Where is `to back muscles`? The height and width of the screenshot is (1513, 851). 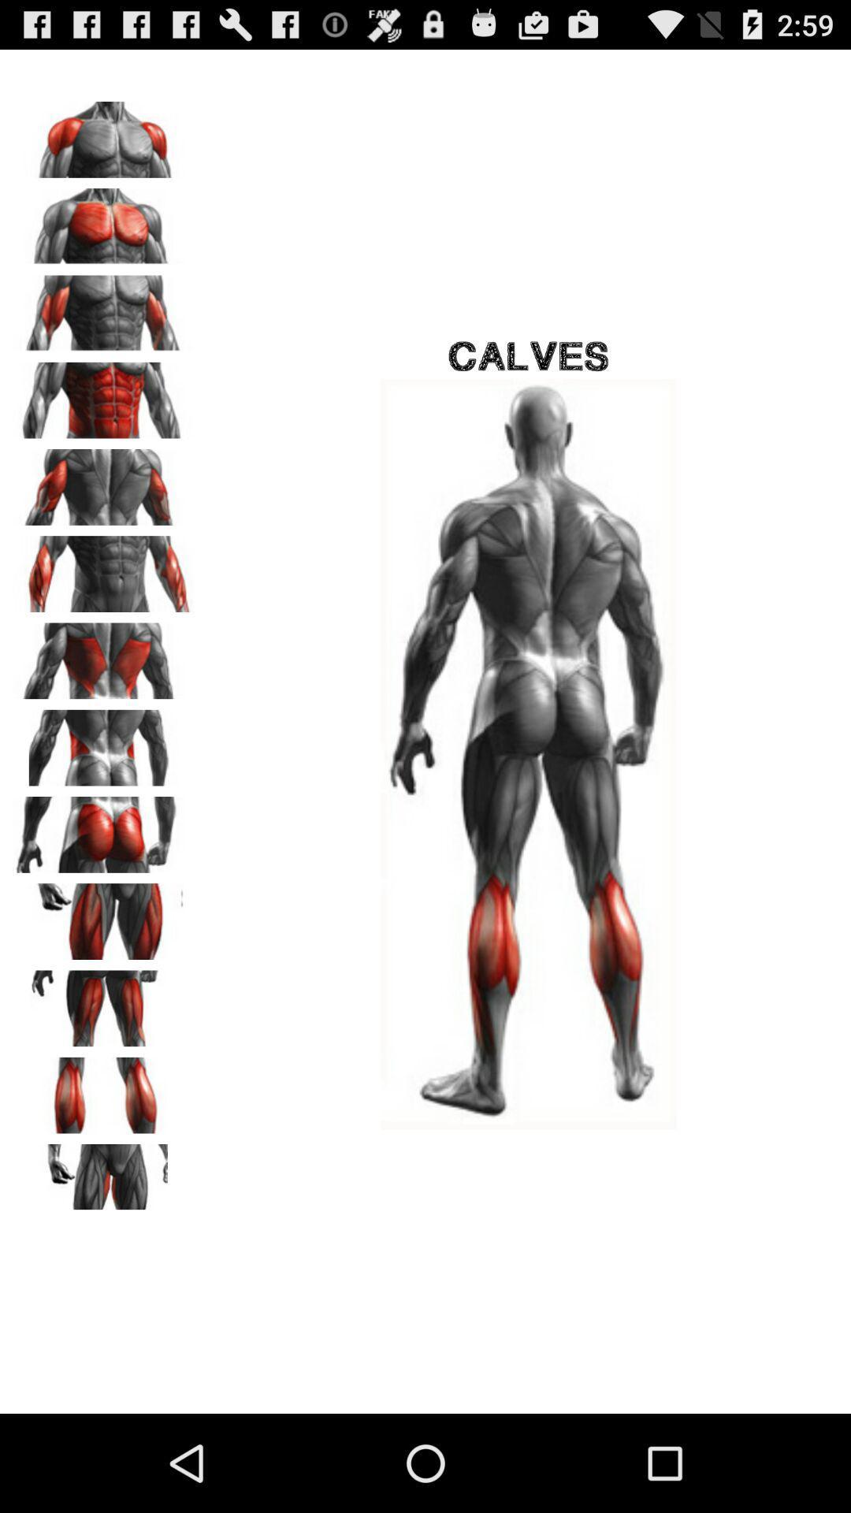 to back muscles is located at coordinates (103, 656).